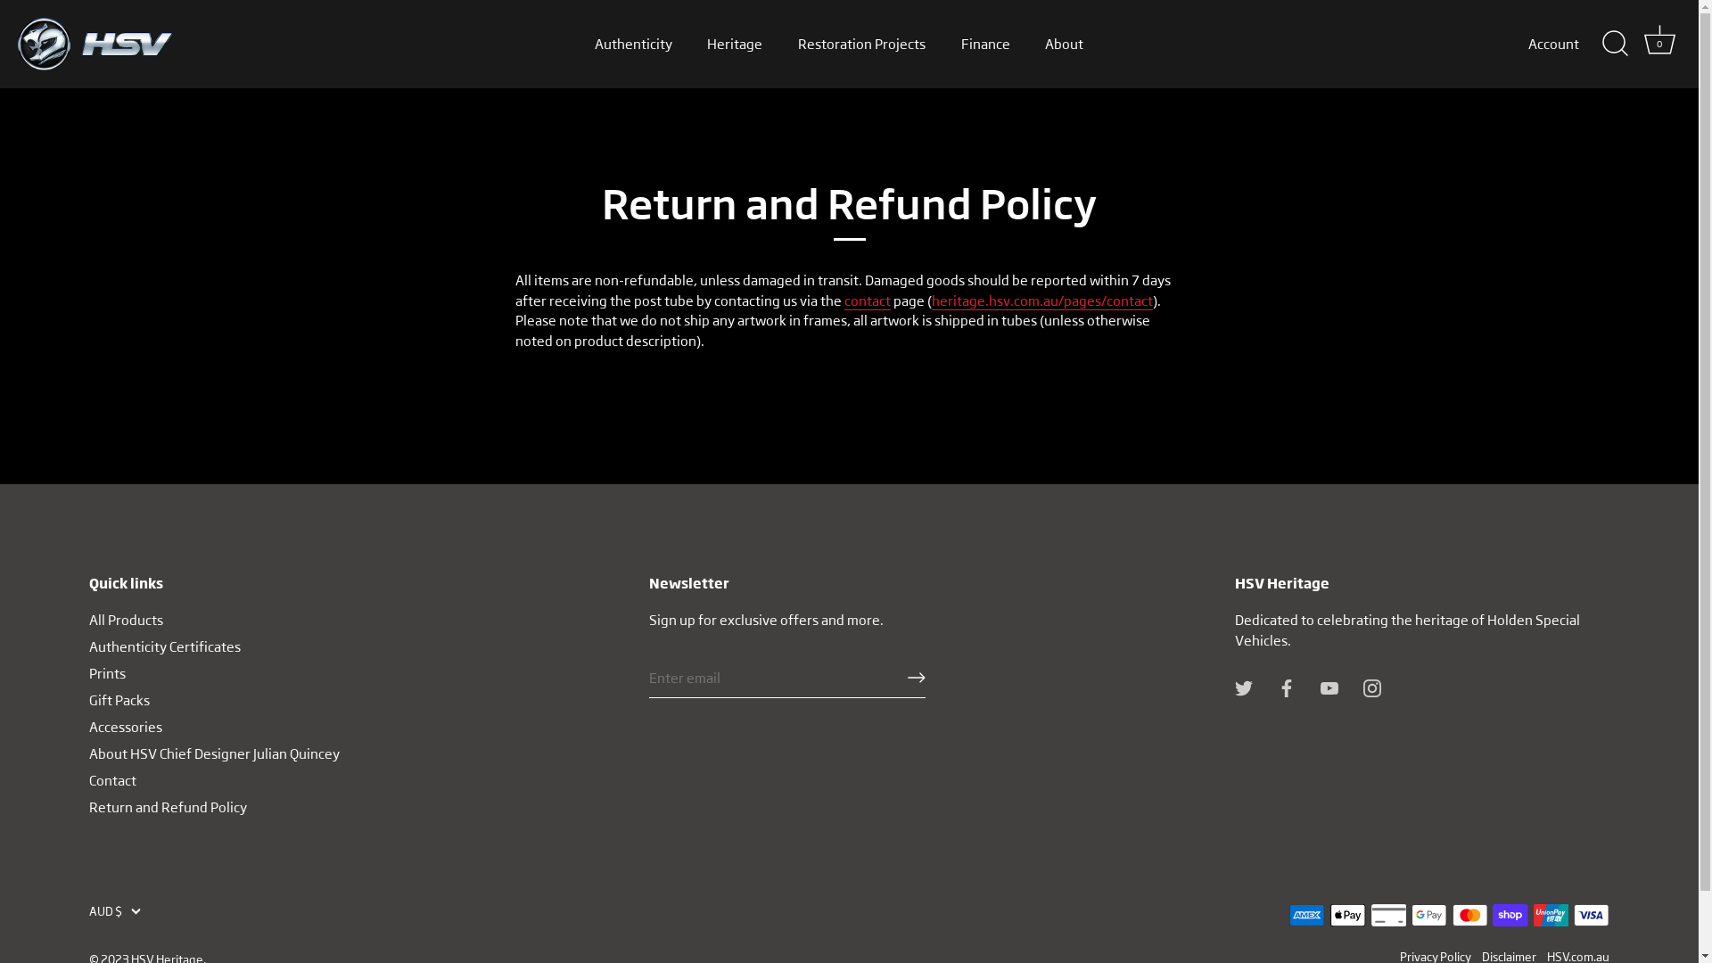  Describe the element at coordinates (1243, 685) in the screenshot. I see `'Twitter'` at that location.